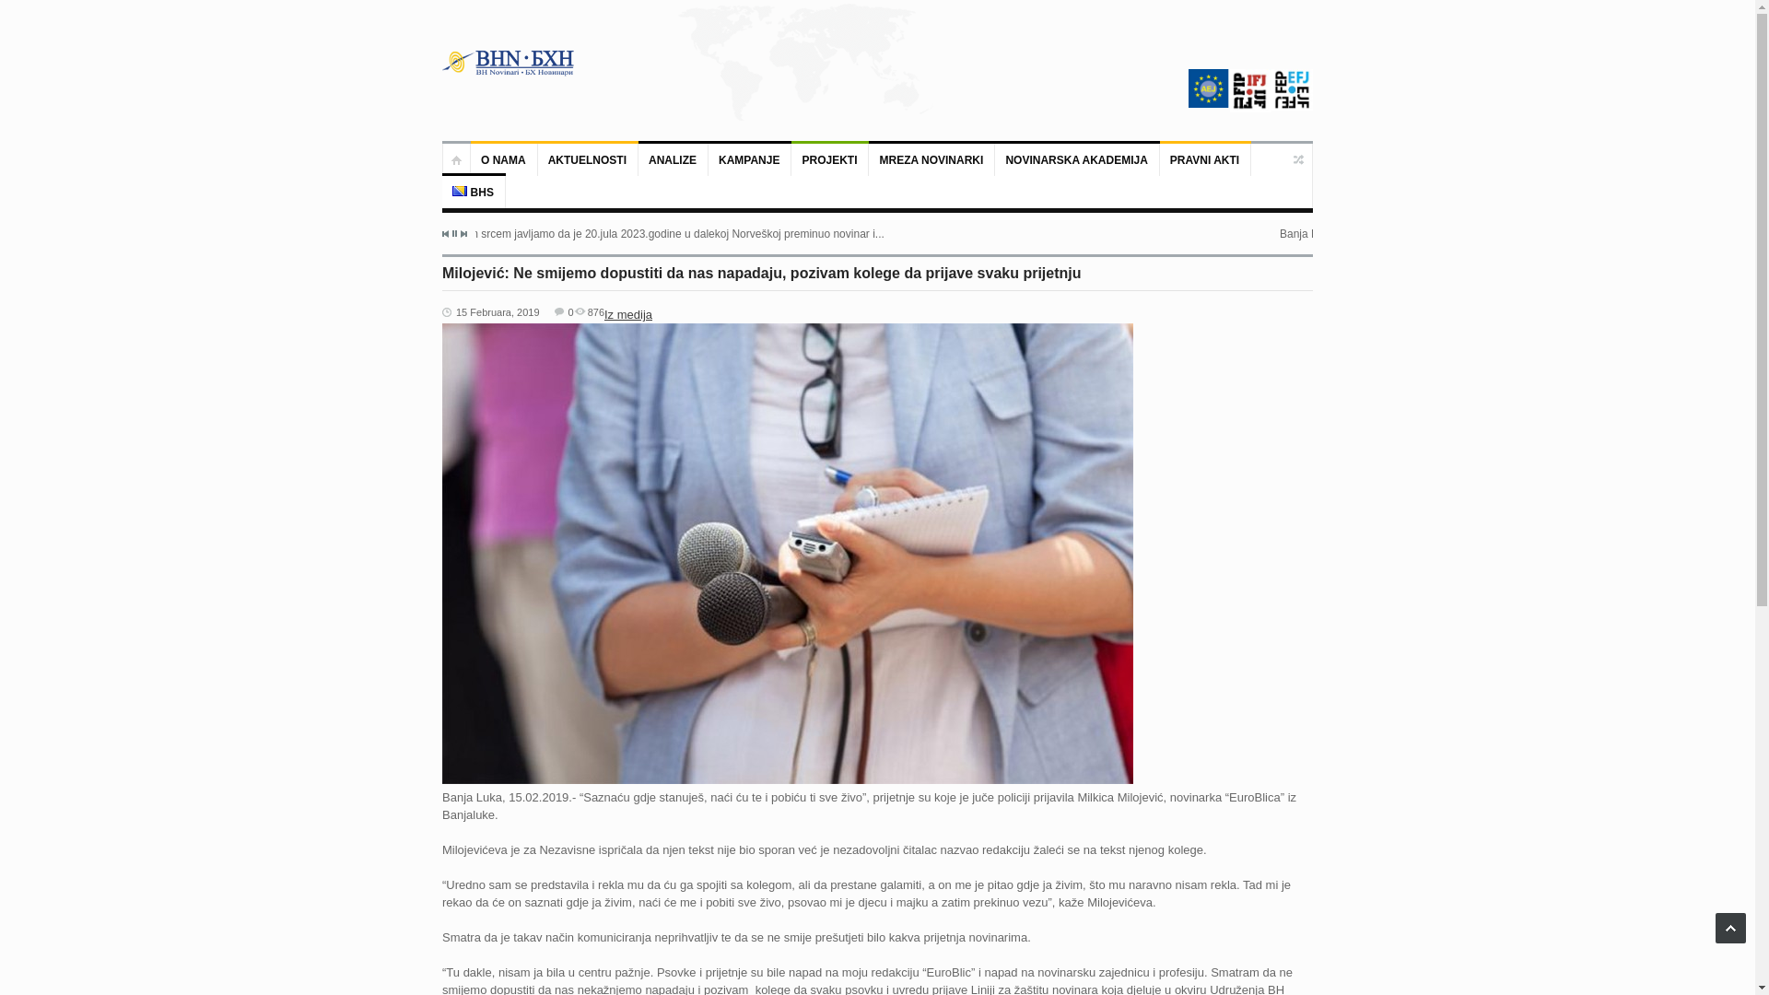 The height and width of the screenshot is (995, 1769). Describe the element at coordinates (509, 62) in the screenshot. I see `'BH novinari'` at that location.